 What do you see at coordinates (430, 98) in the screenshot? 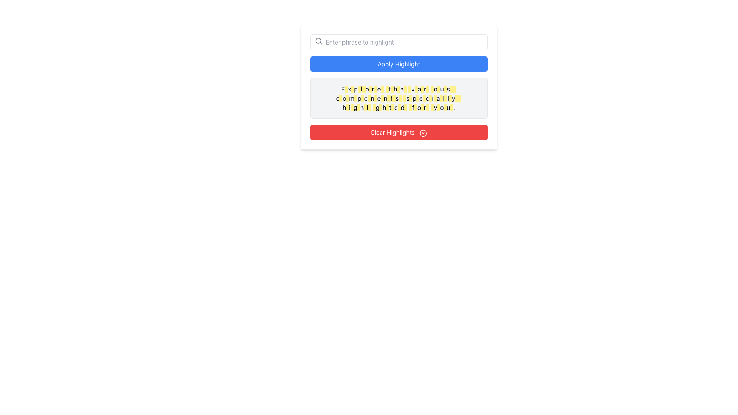
I see `the text highlight element with a yellow background that emphasizes the word 'specially' in the phrase 'Explore the various components specially highlighted for you.'` at bounding box center [430, 98].